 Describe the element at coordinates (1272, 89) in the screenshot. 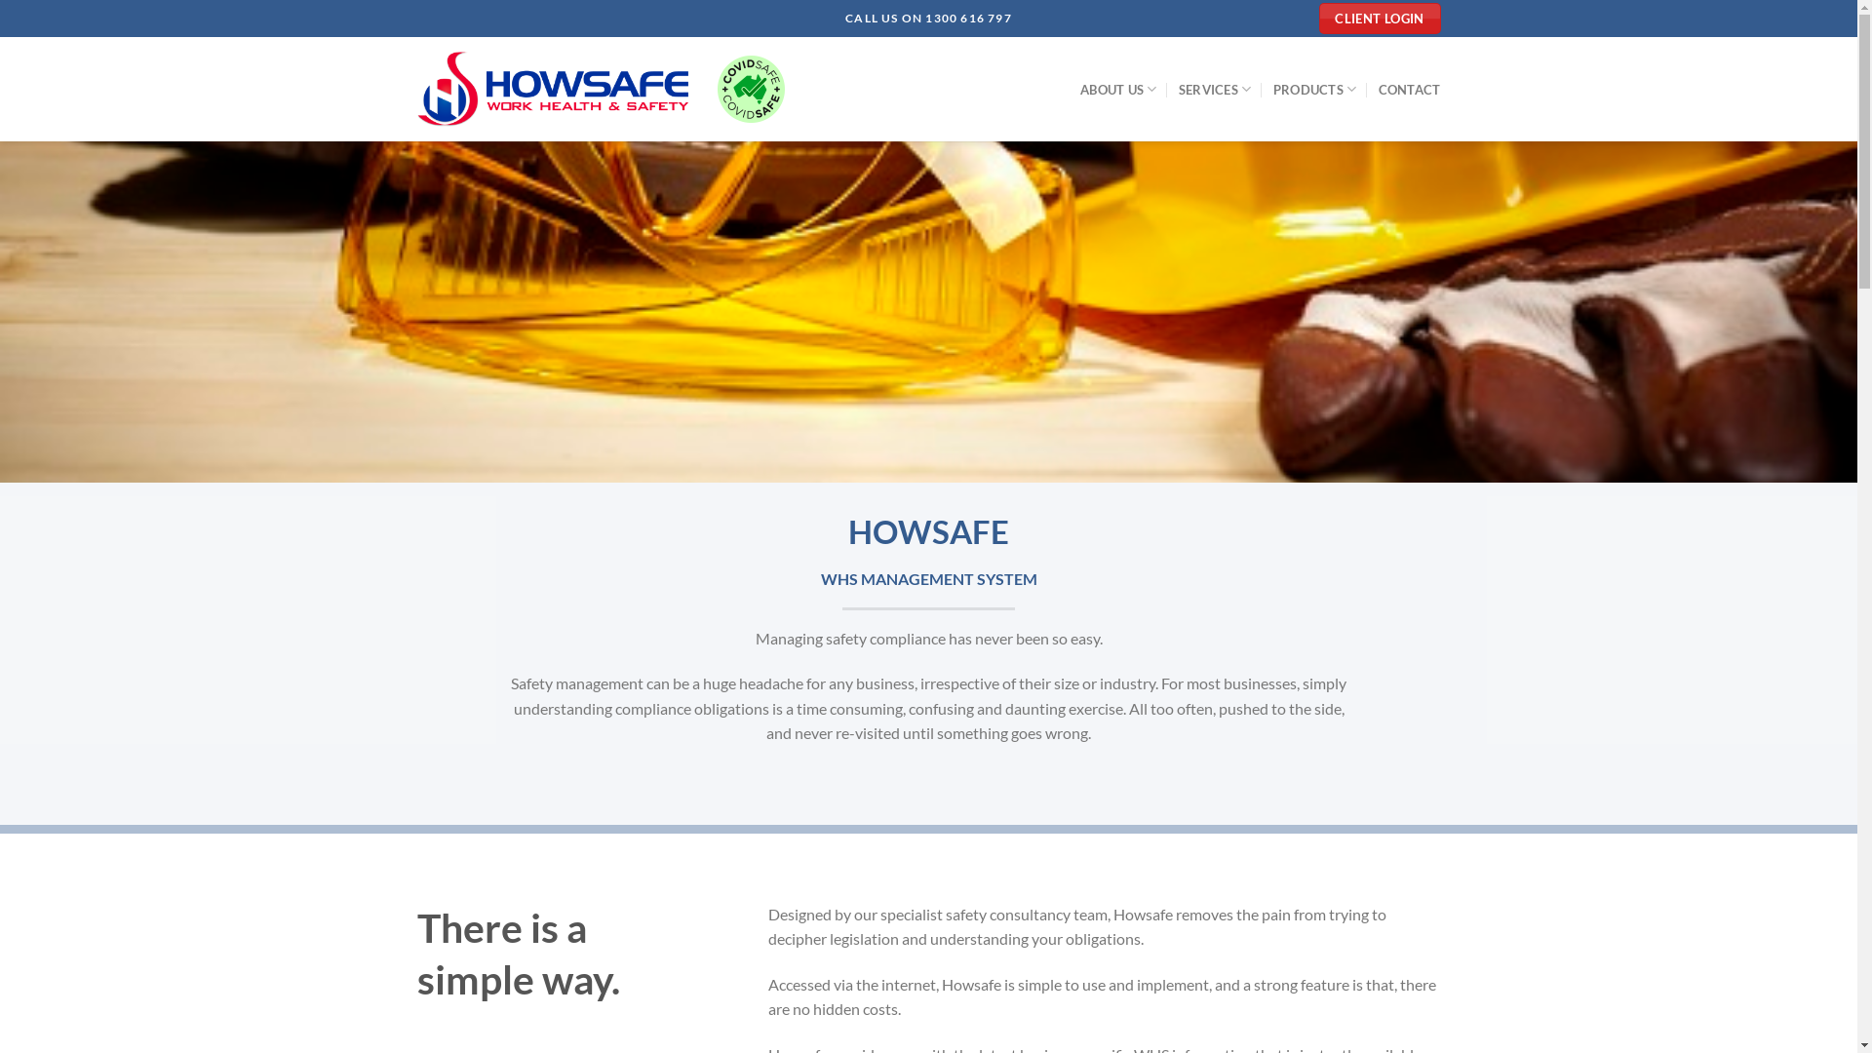

I see `'PRODUCTS'` at that location.